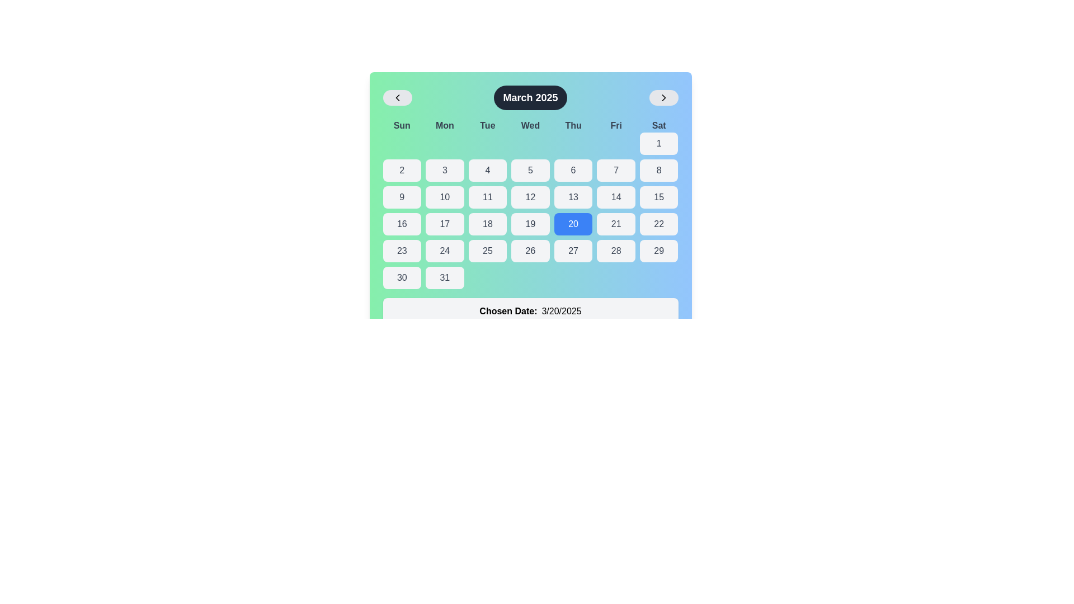  Describe the element at coordinates (615, 224) in the screenshot. I see `the button representing the 21st day of March 2025 in the calendar` at that location.